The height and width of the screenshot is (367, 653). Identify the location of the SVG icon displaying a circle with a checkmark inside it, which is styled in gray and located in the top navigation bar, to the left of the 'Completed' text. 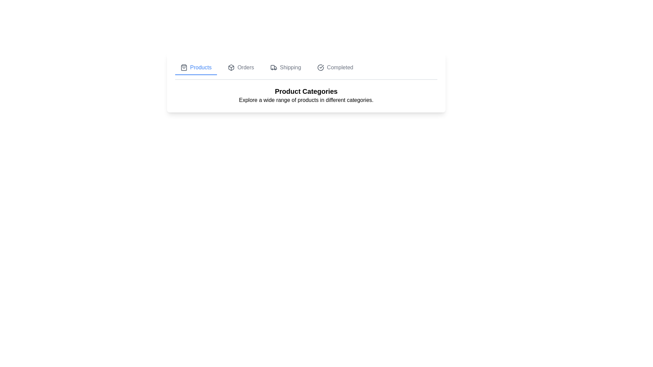
(320, 68).